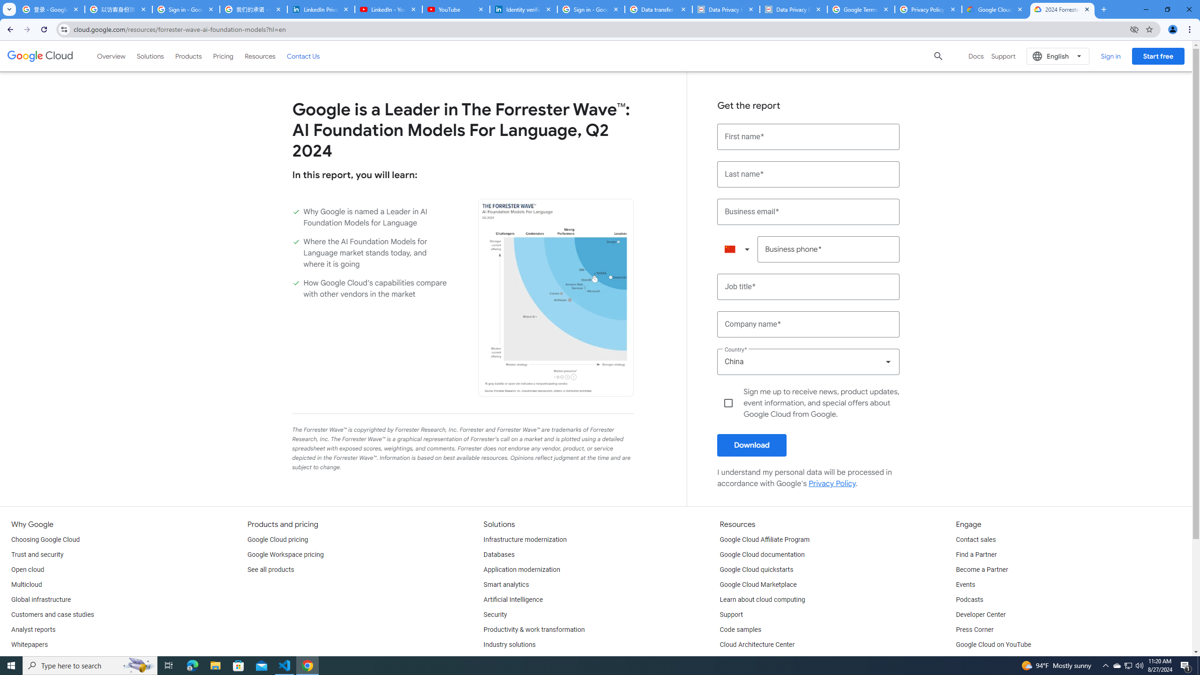  What do you see at coordinates (525, 540) in the screenshot?
I see `'Infrastructure modernization'` at bounding box center [525, 540].